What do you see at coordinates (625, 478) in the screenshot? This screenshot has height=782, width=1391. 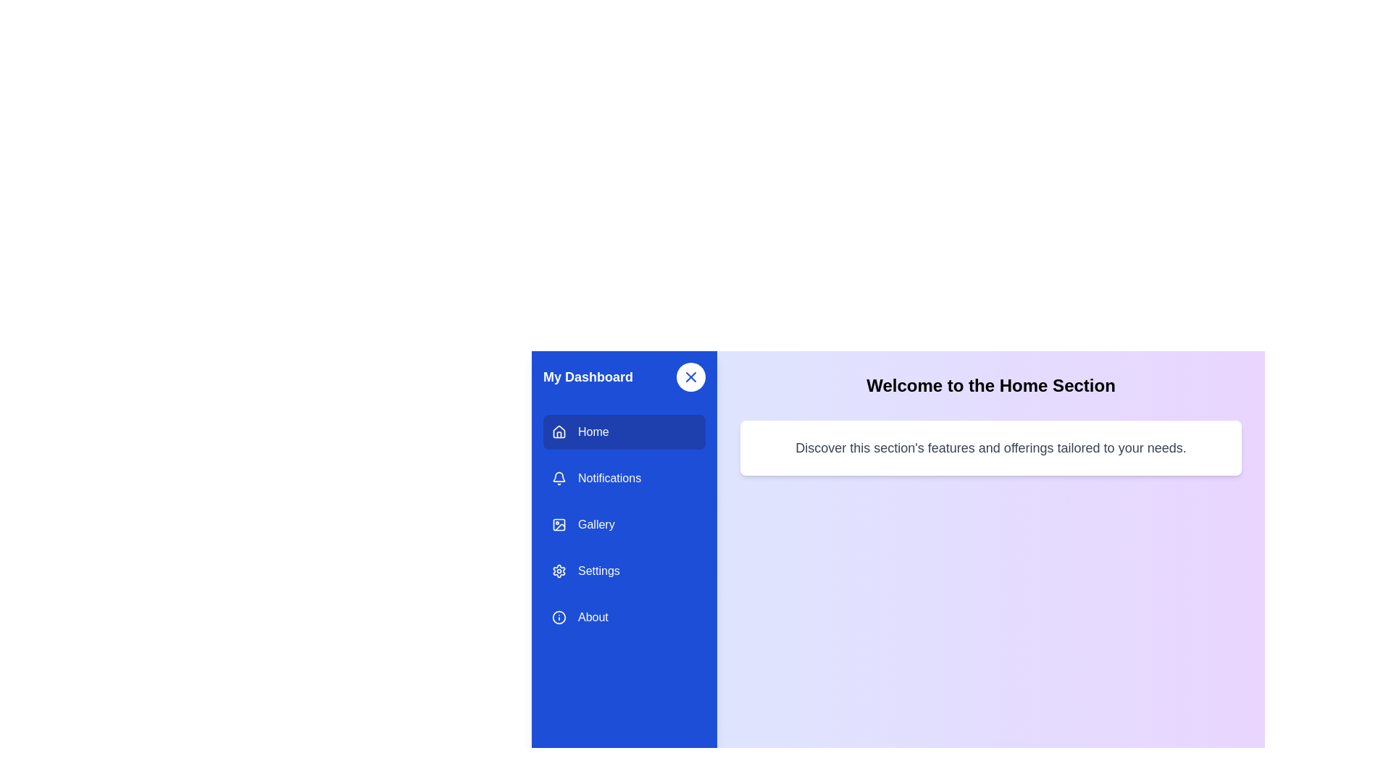 I see `the menu item labeled Notifications to navigate to its section` at bounding box center [625, 478].